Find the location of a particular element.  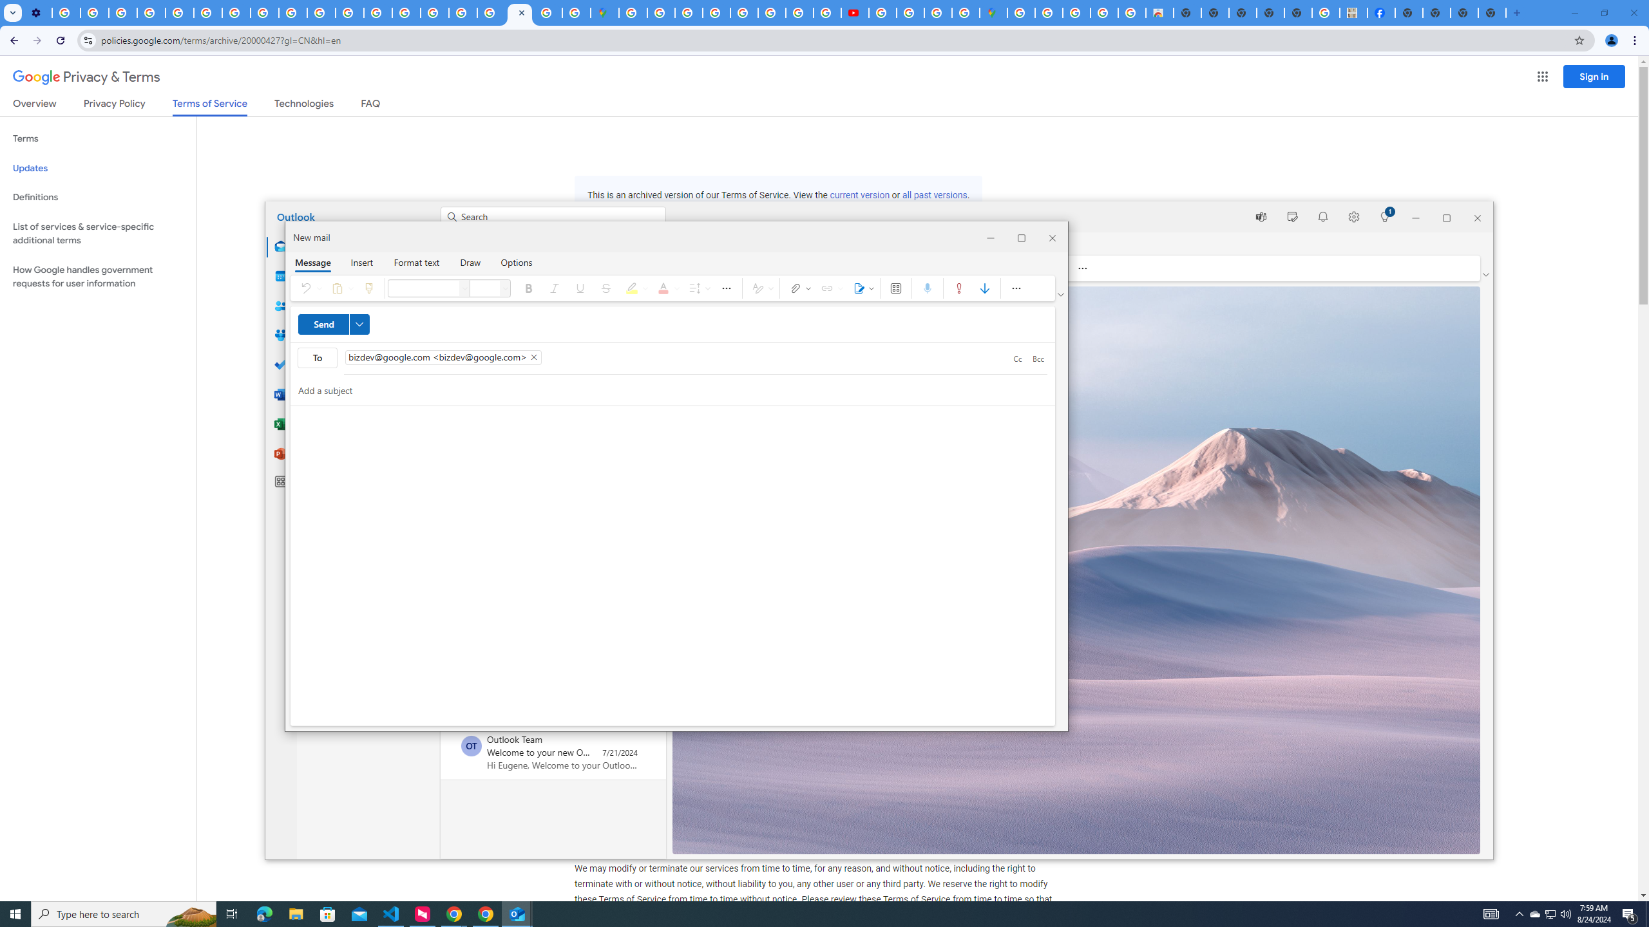

'Notifications' is located at coordinates (1323, 216).